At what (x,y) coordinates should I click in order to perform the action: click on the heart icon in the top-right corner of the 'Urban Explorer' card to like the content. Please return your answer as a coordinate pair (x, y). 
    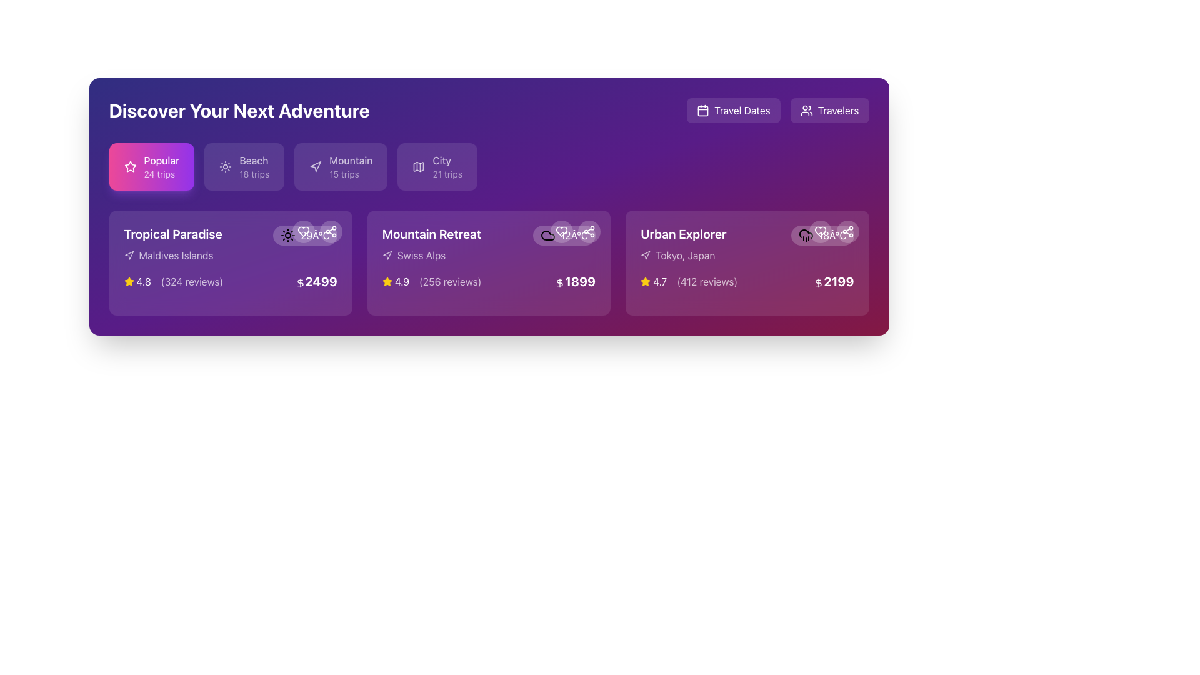
    Looking at the image, I should click on (834, 231).